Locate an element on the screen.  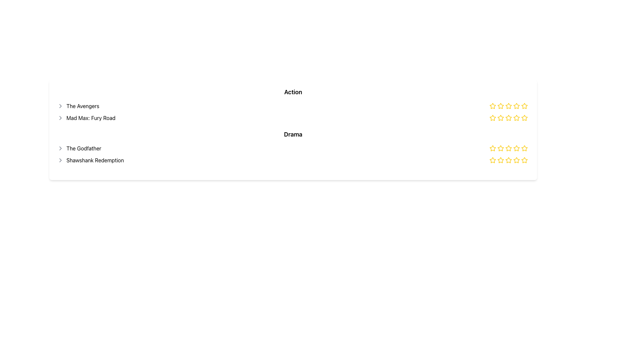
the second star in the star rating component located on the right side of the grid layout to provide a rating is located at coordinates (492, 118).